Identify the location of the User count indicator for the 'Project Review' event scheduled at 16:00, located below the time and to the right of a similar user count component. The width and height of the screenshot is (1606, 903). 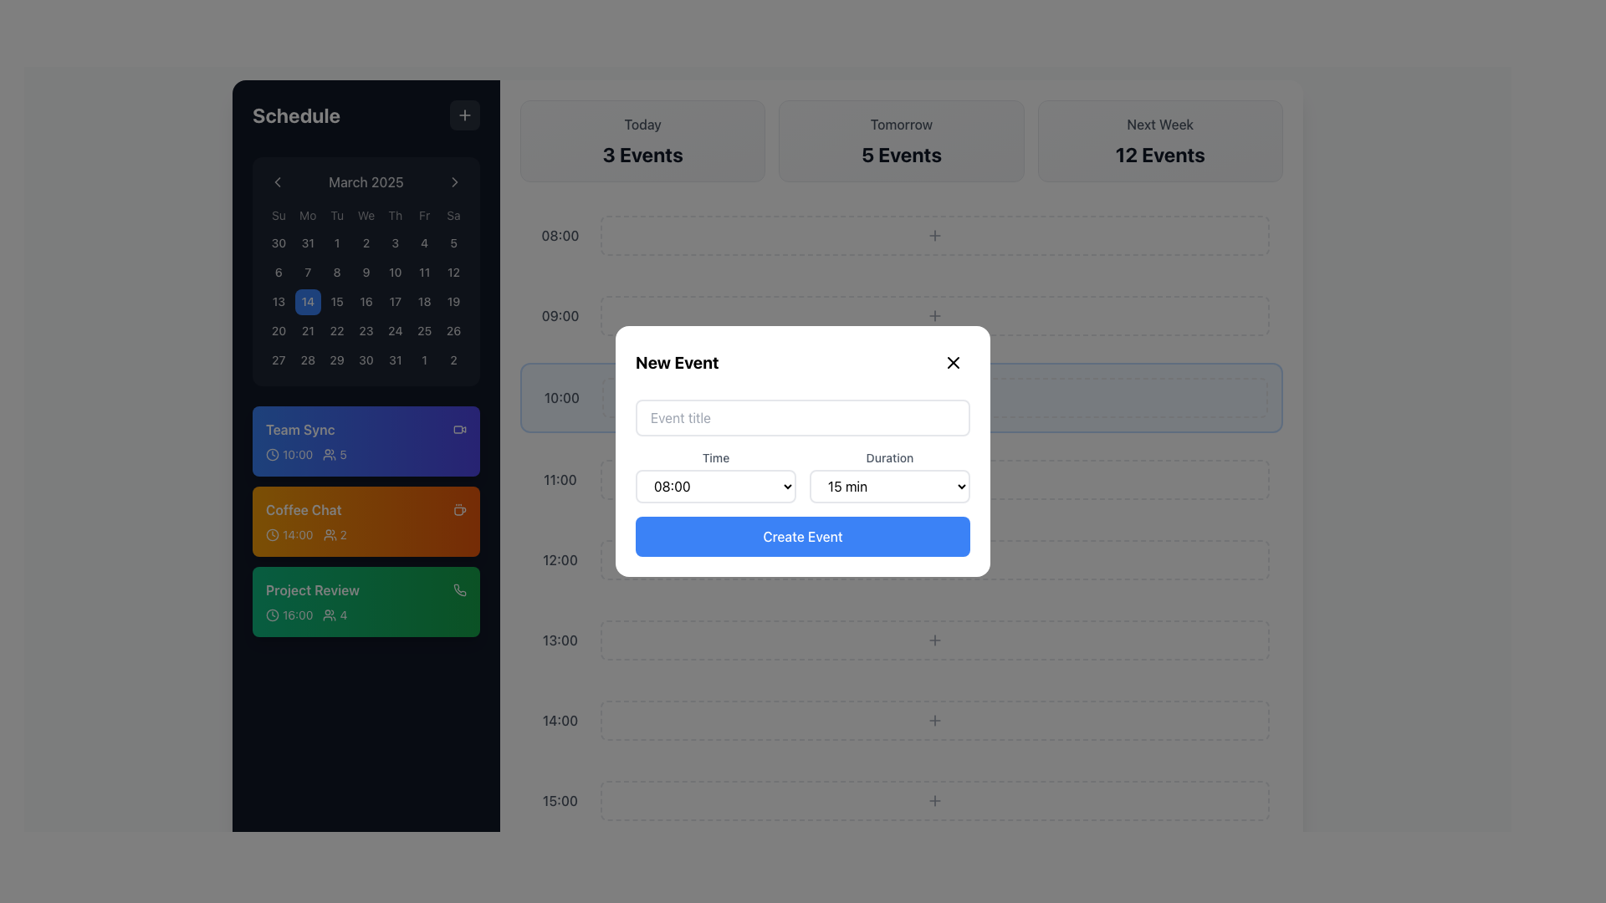
(335, 615).